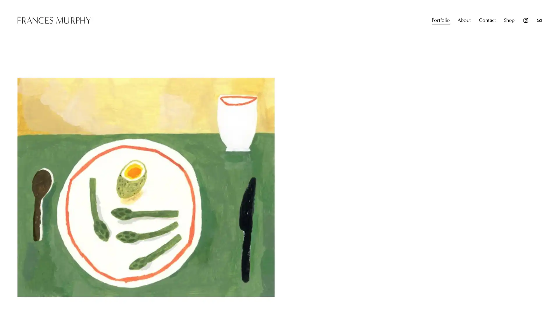 This screenshot has width=559, height=314. What do you see at coordinates (146, 187) in the screenshot?
I see `View fullsize` at bounding box center [146, 187].